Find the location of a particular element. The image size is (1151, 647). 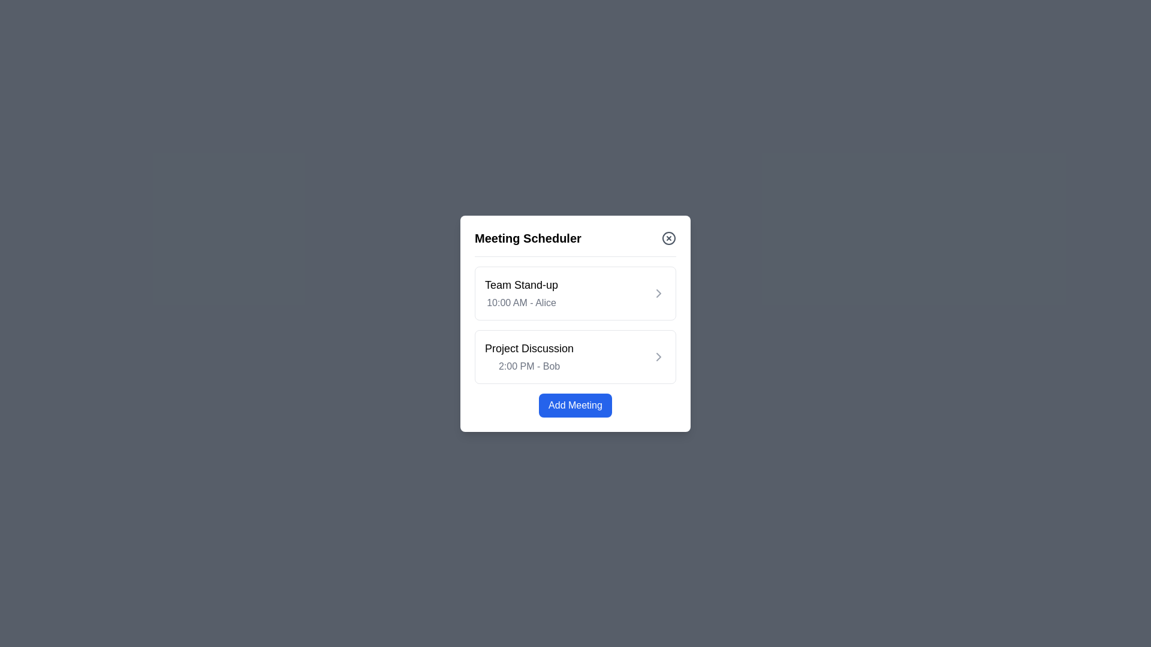

the text block displaying the scheduled event details in the 'Meeting Scheduler' modal, which is the second entry in the list is located at coordinates (529, 356).